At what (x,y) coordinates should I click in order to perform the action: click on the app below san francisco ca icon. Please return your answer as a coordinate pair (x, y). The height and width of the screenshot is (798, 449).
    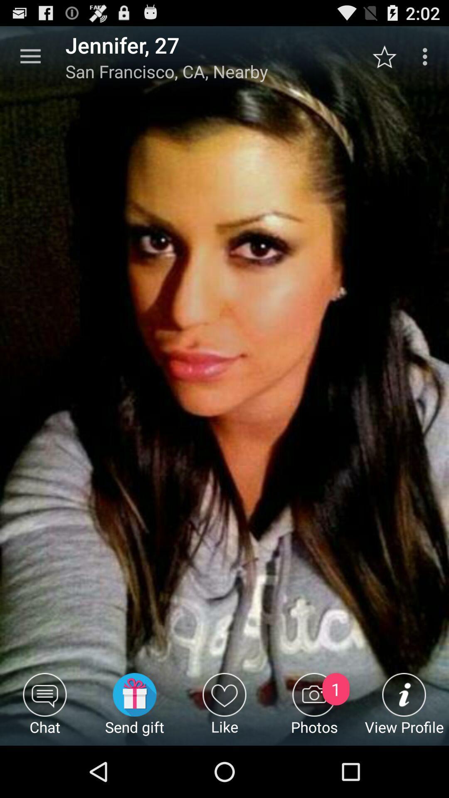
    Looking at the image, I should click on (134, 709).